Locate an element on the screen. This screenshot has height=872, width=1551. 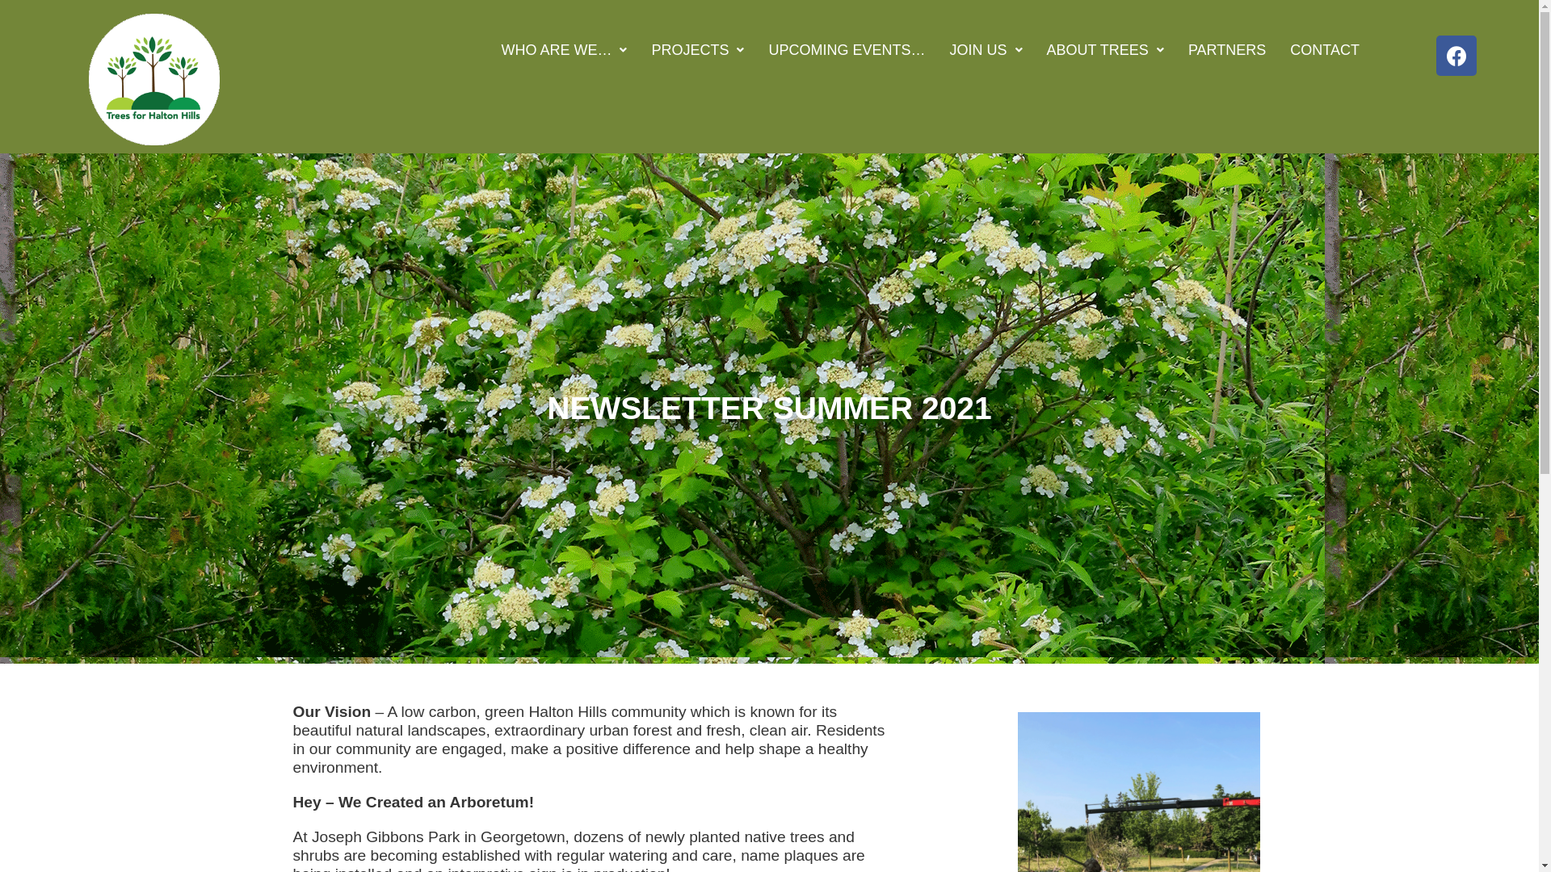
'PROJECTS' is located at coordinates (697, 48).